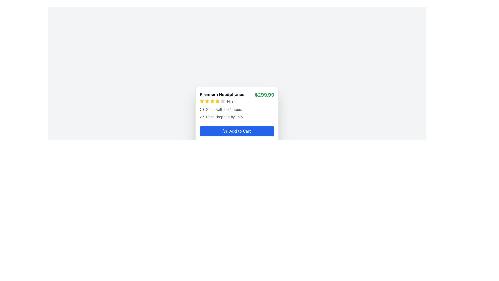 The height and width of the screenshot is (281, 499). What do you see at coordinates (222, 101) in the screenshot?
I see `the third star icon in the rating system, which visually represents the rating value, located below the product title` at bounding box center [222, 101].